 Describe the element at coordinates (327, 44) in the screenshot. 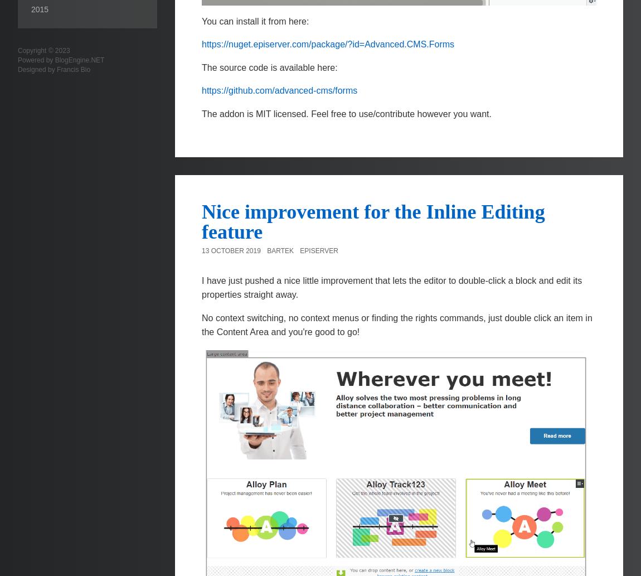

I see `'https://nuget.episerver.com/package/?id=Advanced.CMS.Forms'` at that location.